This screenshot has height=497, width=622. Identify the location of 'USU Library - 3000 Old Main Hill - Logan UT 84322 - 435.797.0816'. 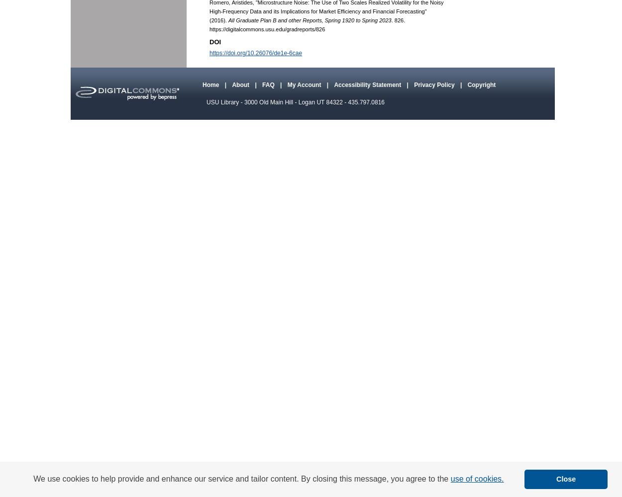
(295, 102).